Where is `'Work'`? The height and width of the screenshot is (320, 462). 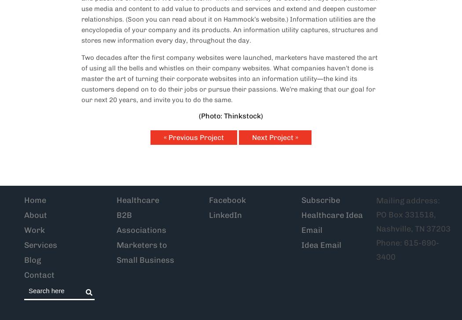
'Work' is located at coordinates (34, 230).